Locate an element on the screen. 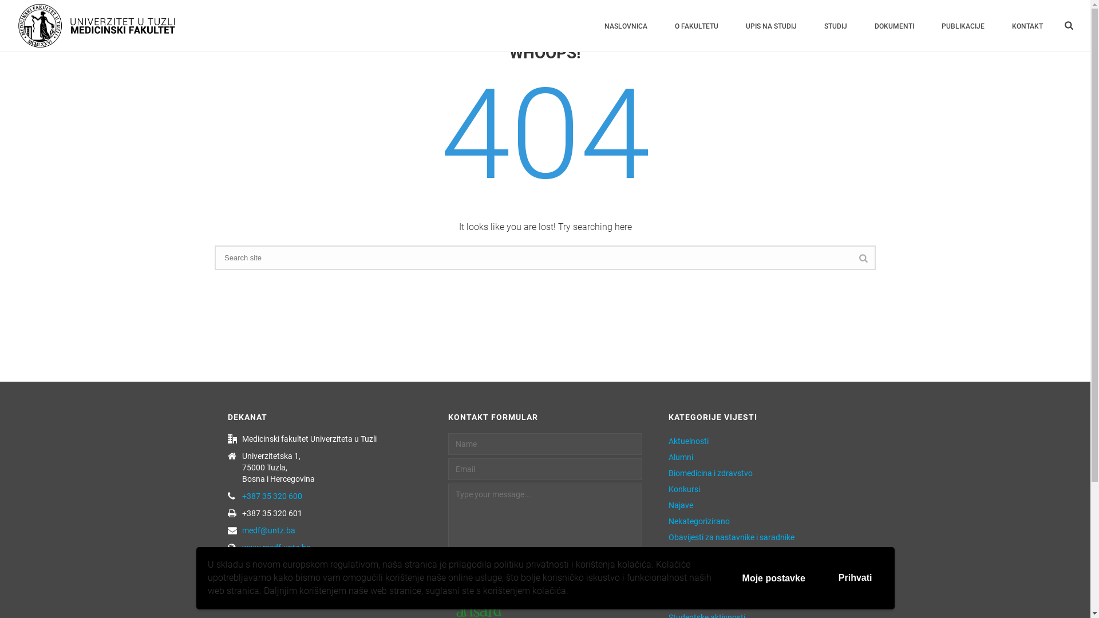 The height and width of the screenshot is (618, 1099). 'Obavijesti za nastavnike i saradnike' is located at coordinates (730, 537).